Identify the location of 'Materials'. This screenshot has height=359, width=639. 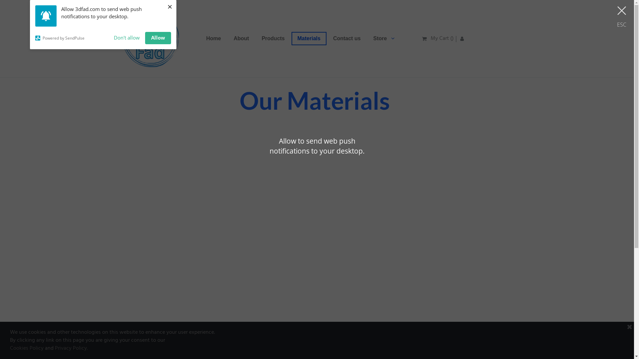
(309, 38).